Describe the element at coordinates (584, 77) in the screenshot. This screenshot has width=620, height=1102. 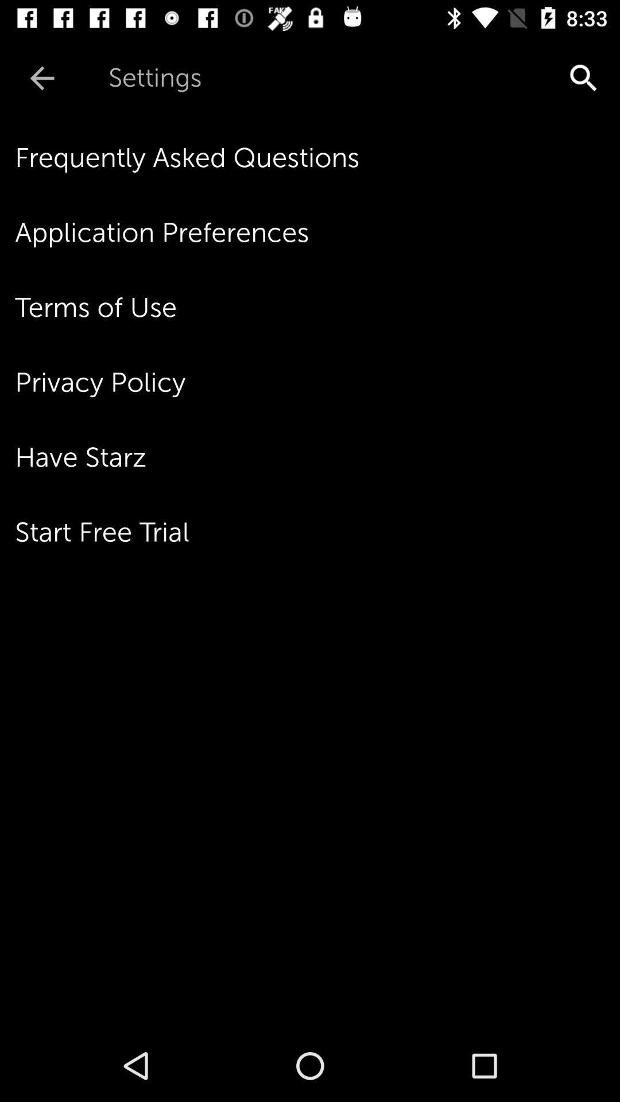
I see `the item above frequently asked questions item` at that location.